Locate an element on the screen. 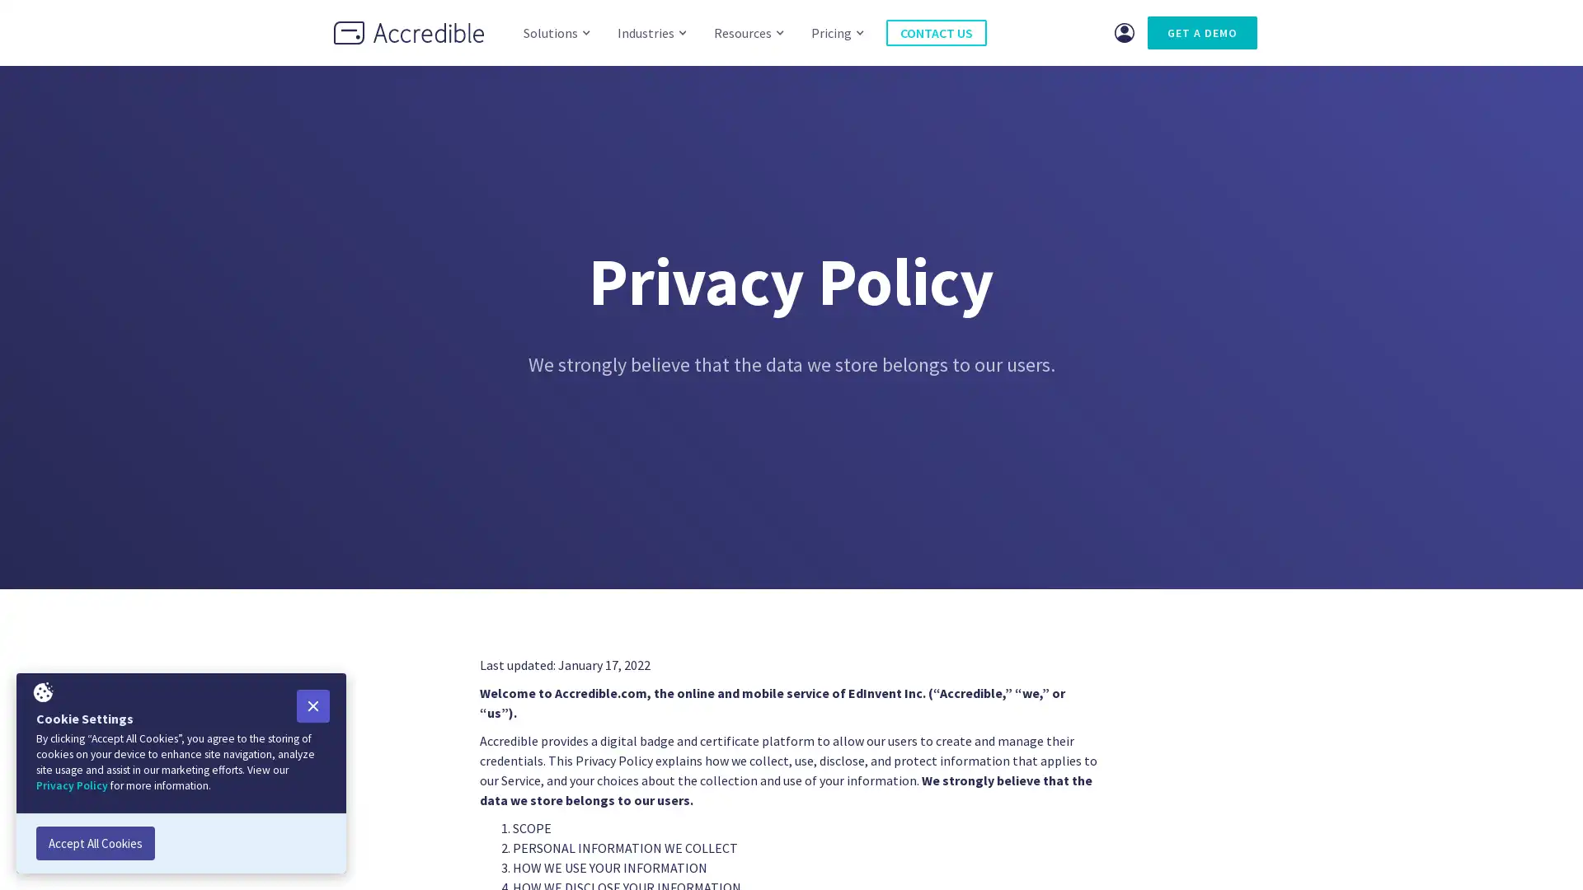 This screenshot has width=1583, height=890. Close Cookie Popup is located at coordinates (312, 705).